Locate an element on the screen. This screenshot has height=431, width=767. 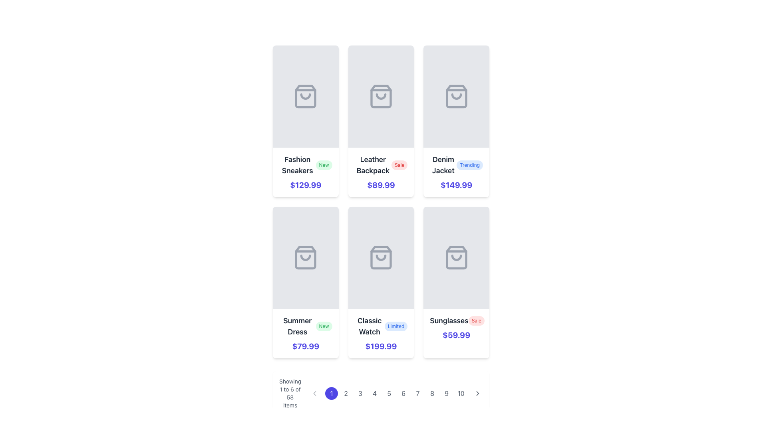
the circular button labeled '8' with gray text on a white background, located in the pagination section below the product cards is located at coordinates (432, 393).